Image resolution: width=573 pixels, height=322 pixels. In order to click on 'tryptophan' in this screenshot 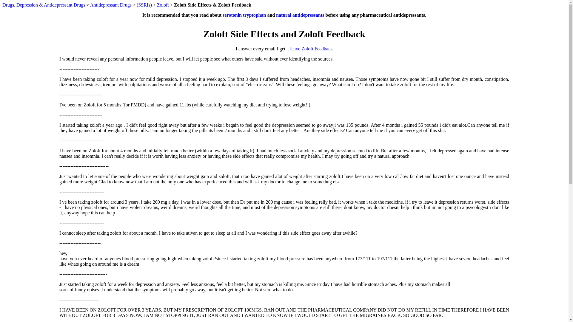, I will do `click(254, 15)`.